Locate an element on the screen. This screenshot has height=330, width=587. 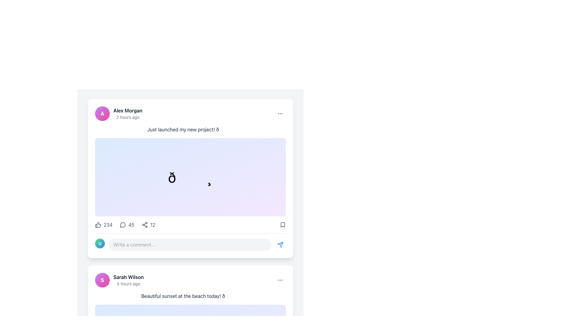
the text label that provides details about the author of a post and the time of posting, located to the right of a circular profile picture labeled with 'S' is located at coordinates (128, 280).